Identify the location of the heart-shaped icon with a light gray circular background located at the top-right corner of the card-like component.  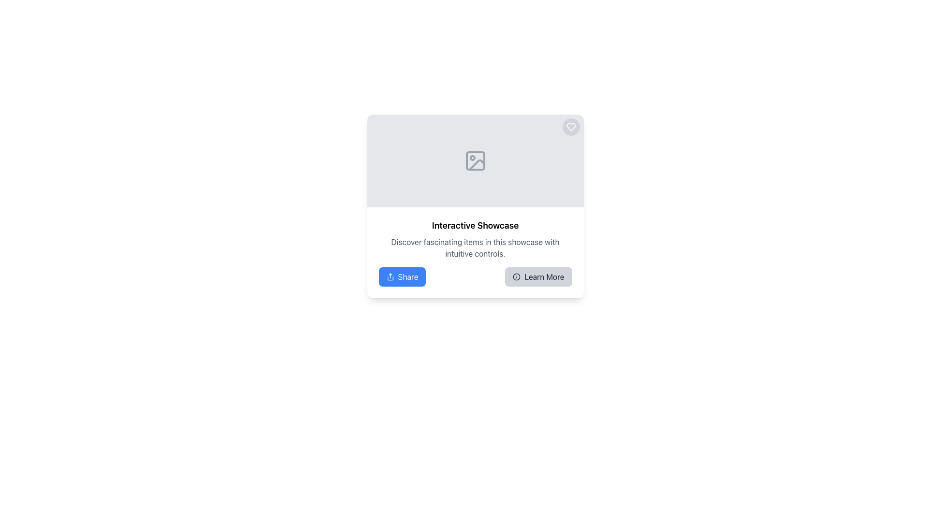
(571, 126).